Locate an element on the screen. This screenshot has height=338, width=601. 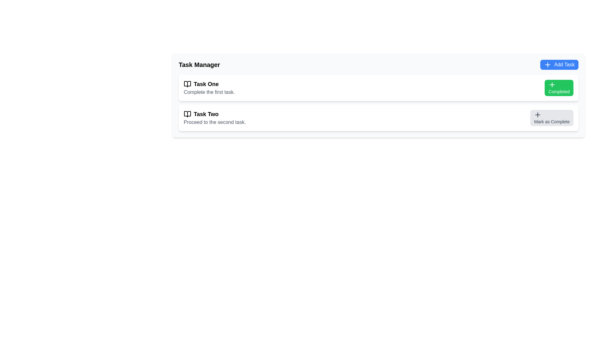
the Text Label element that reads 'Proceed to the second task.', which is displayed in grayish color and is located below the title heading 'Task Two' is located at coordinates (215, 122).